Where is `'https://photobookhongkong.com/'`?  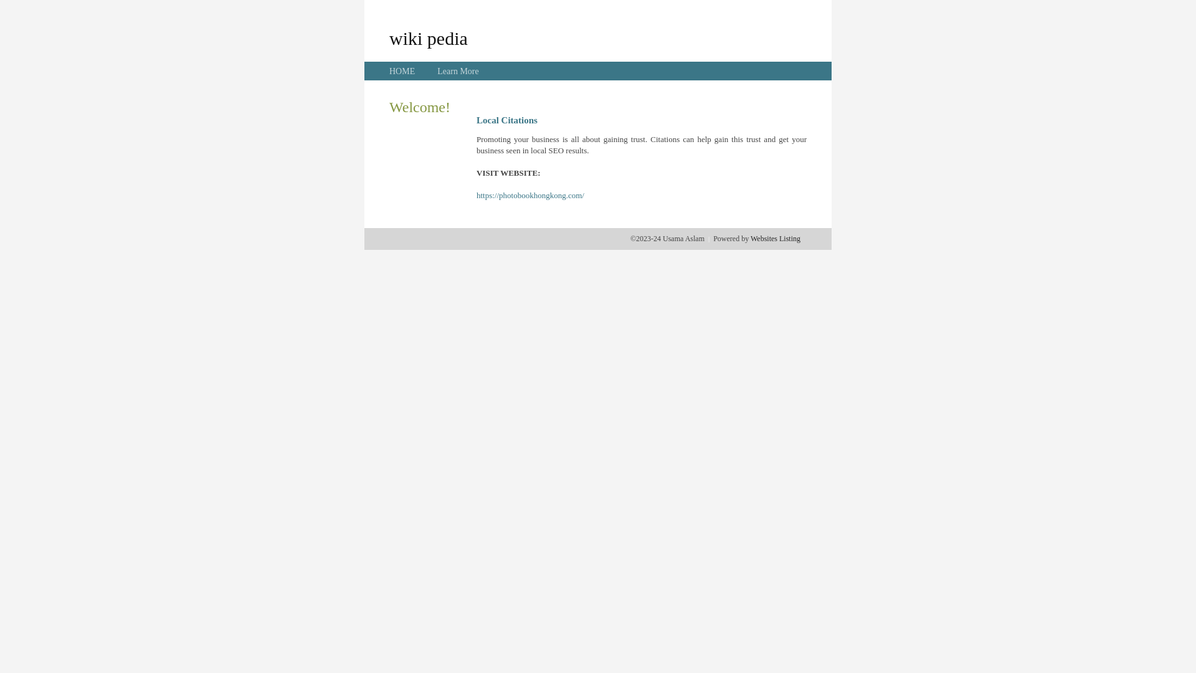
'https://photobookhongkong.com/' is located at coordinates (530, 195).